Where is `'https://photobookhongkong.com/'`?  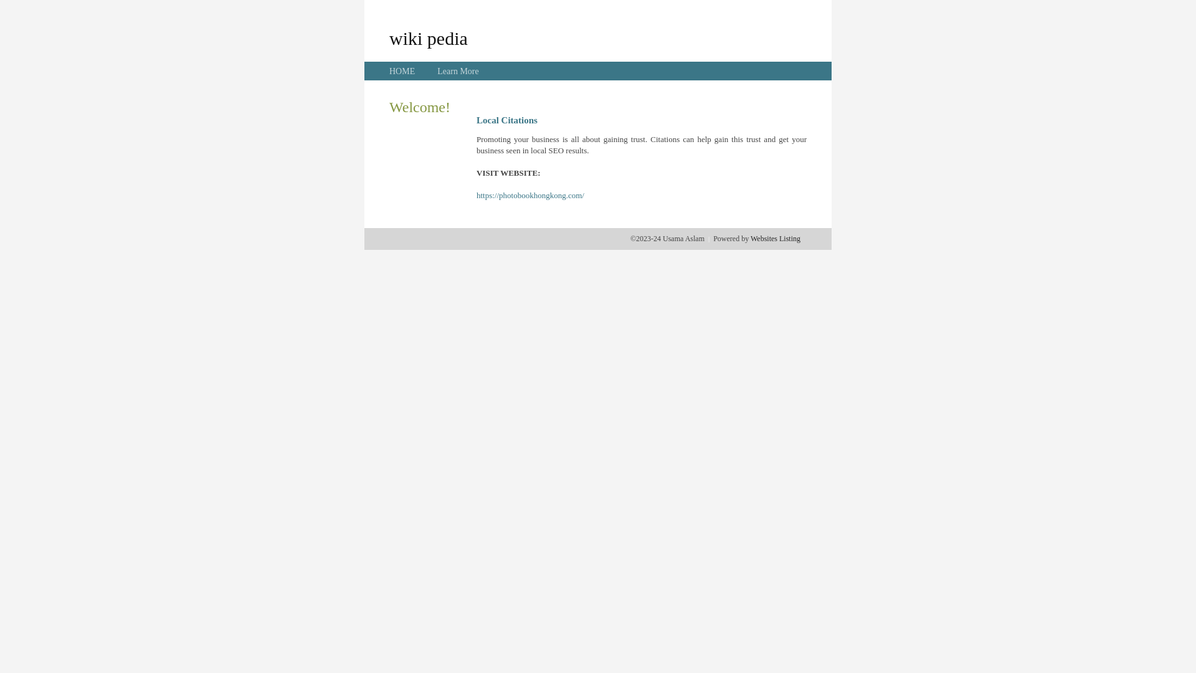
'https://photobookhongkong.com/' is located at coordinates (530, 195).